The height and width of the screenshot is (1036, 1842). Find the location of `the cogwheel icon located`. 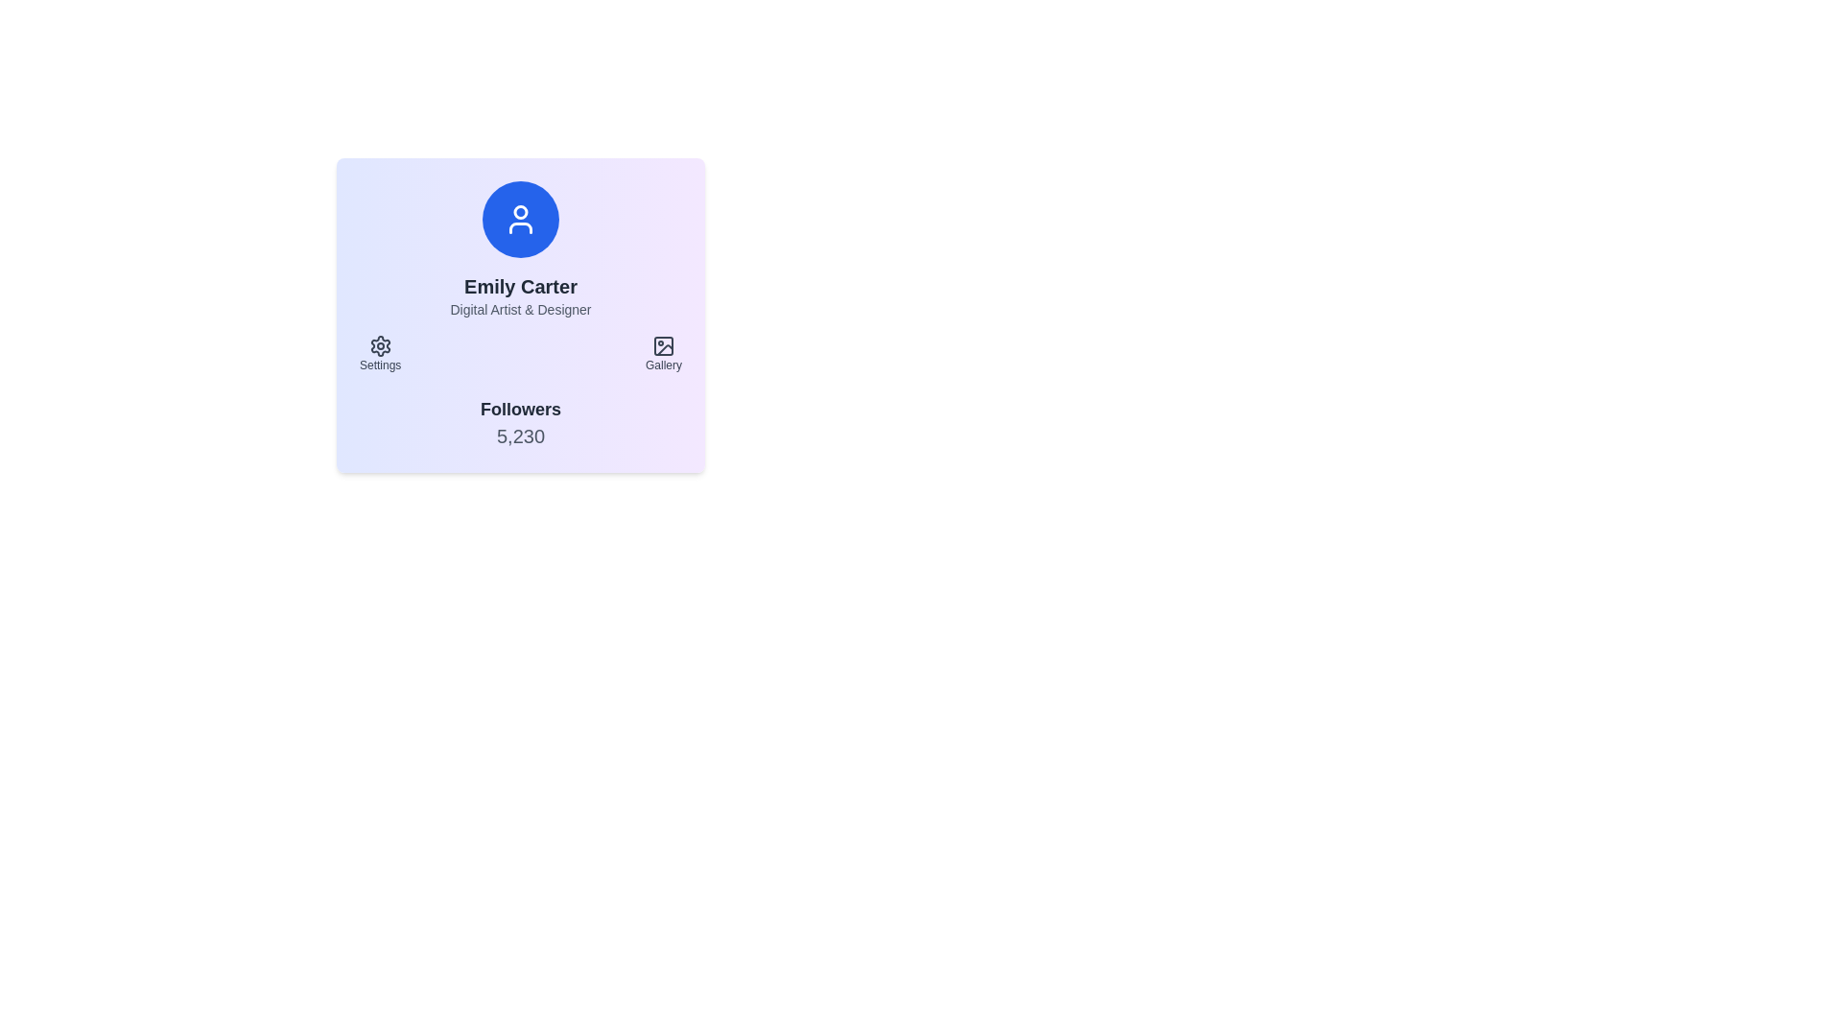

the cogwheel icon located is located at coordinates (380, 346).